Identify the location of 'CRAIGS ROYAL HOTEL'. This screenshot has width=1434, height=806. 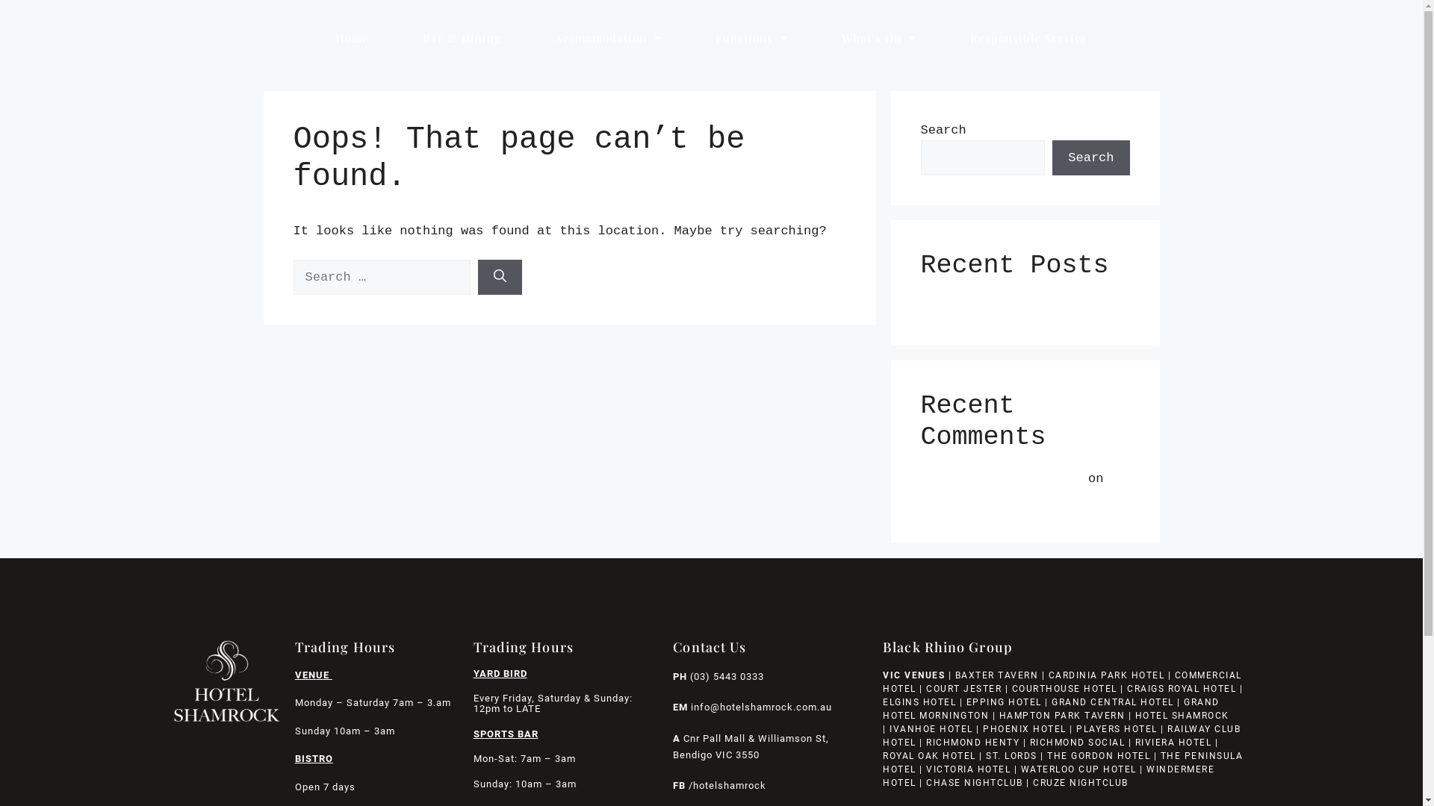
(1181, 688).